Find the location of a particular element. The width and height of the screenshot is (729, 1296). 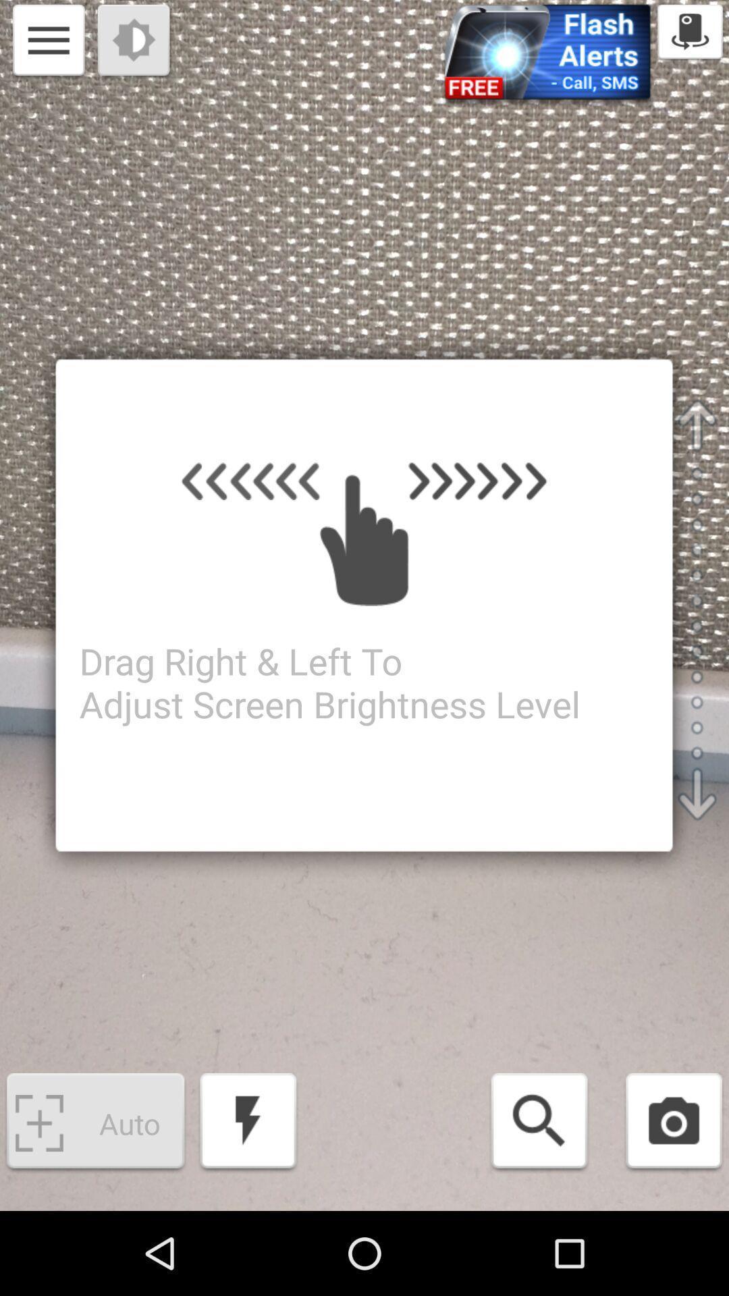

search option is located at coordinates (539, 1123).